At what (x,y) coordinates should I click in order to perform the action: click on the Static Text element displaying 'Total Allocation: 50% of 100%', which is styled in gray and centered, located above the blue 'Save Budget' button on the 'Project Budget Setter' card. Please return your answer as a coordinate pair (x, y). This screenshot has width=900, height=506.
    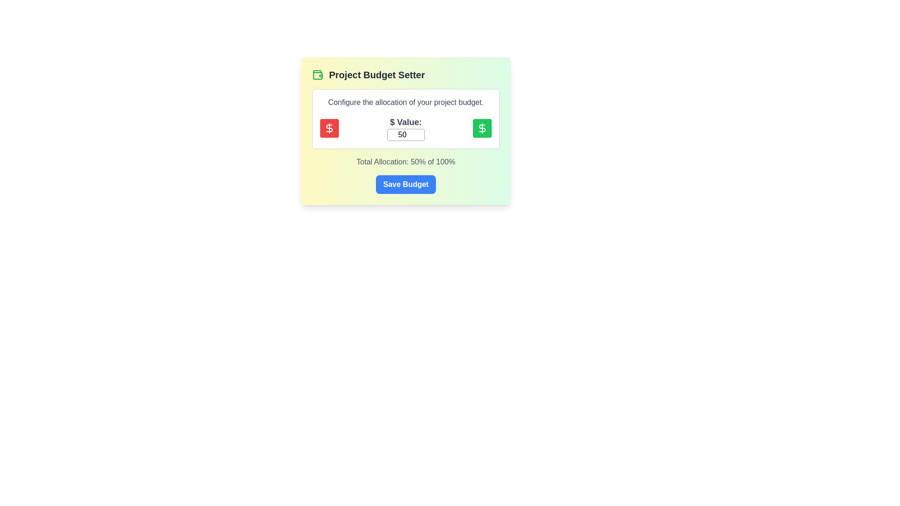
    Looking at the image, I should click on (405, 162).